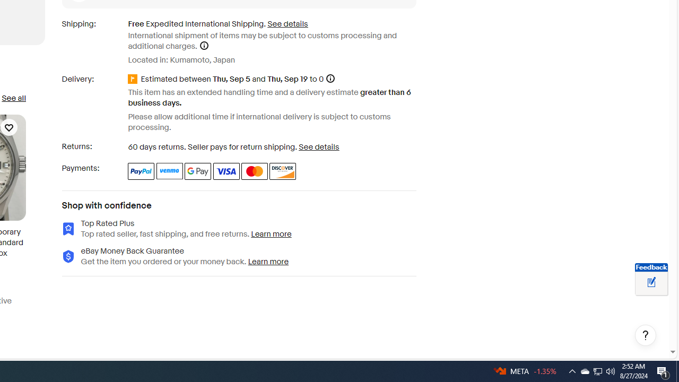 The width and height of the screenshot is (679, 382). What do you see at coordinates (13, 98) in the screenshot?
I see `'See all'` at bounding box center [13, 98].